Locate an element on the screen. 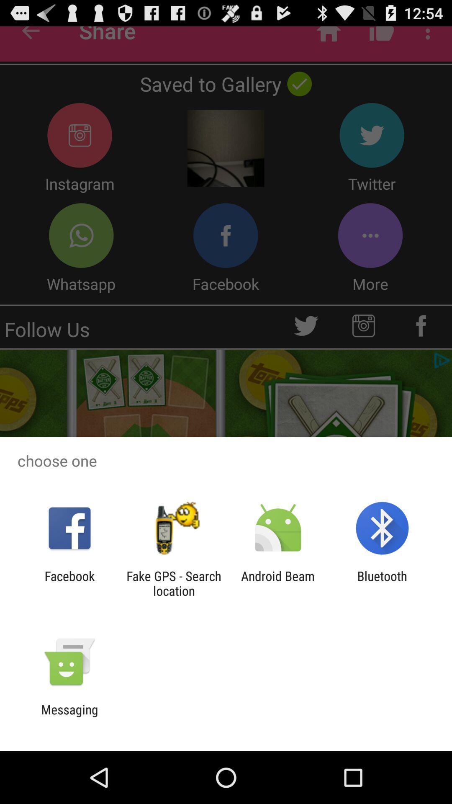 The width and height of the screenshot is (452, 804). the messaging item is located at coordinates (69, 716).